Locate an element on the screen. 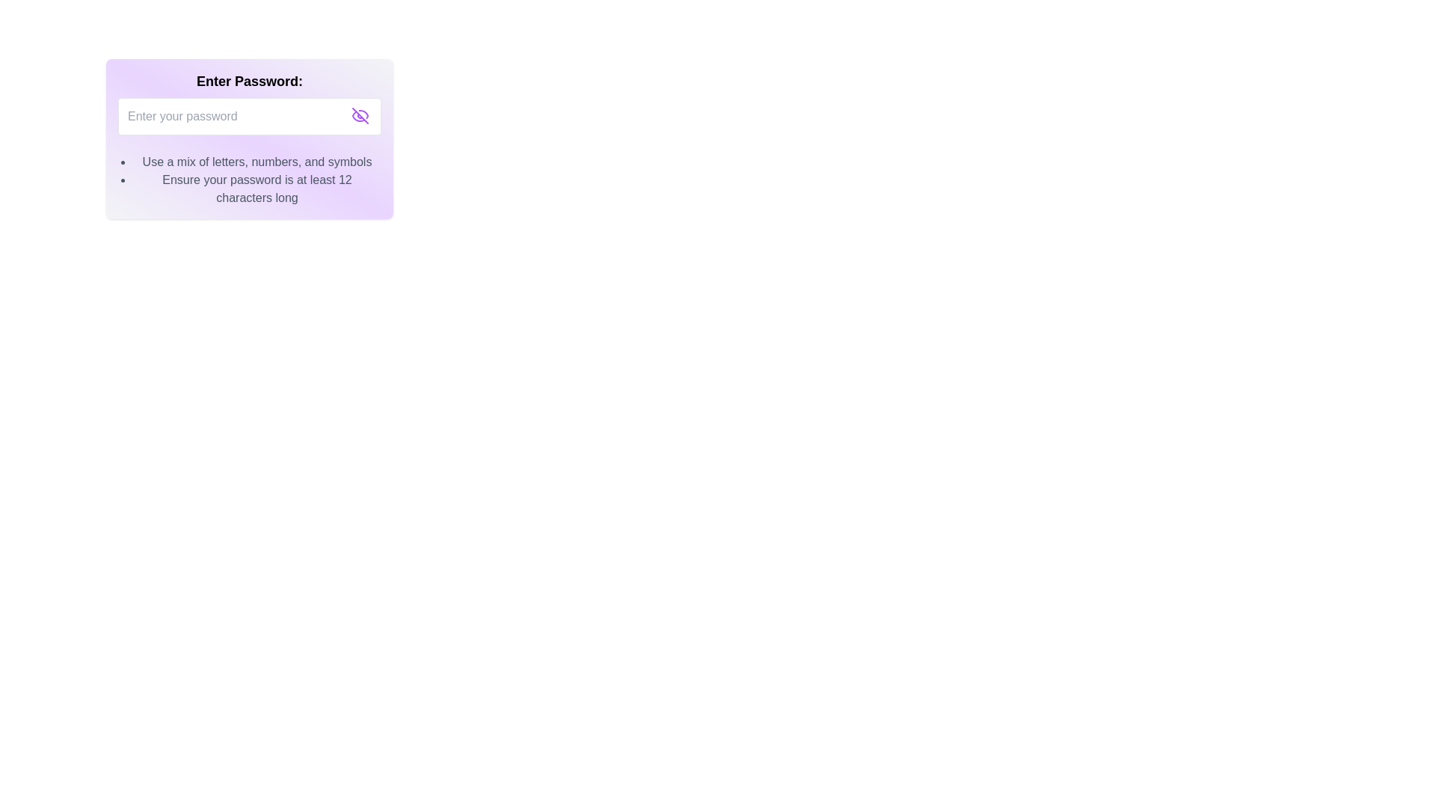 Image resolution: width=1436 pixels, height=808 pixels. the text block containing bullet points with instructions about password requirements, styled in gray on a light violet background is located at coordinates (257, 179).